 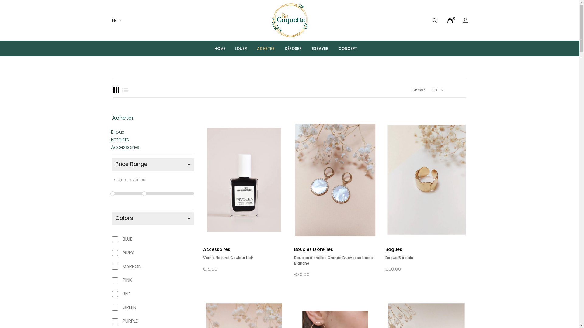 What do you see at coordinates (125, 90) in the screenshot?
I see `'List'` at bounding box center [125, 90].